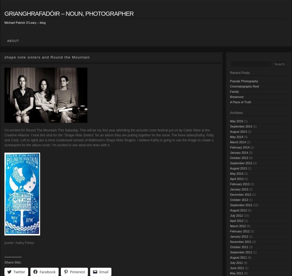 This screenshot has height=276, width=292. I want to click on 'February 2014', so click(230, 147).